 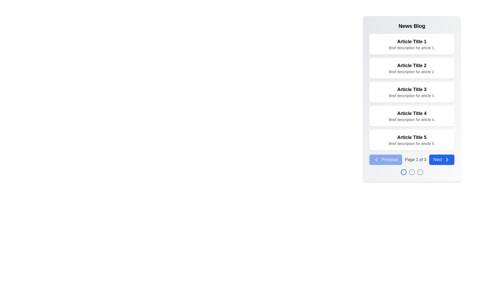 What do you see at coordinates (403, 172) in the screenshot?
I see `the first selectable indicator in the bottom navigation section, which is part of the pagination system` at bounding box center [403, 172].